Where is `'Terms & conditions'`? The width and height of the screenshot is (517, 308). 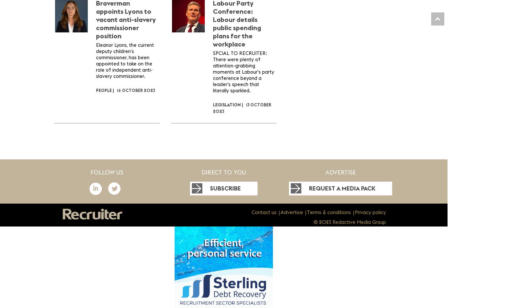 'Terms & conditions' is located at coordinates (328, 212).